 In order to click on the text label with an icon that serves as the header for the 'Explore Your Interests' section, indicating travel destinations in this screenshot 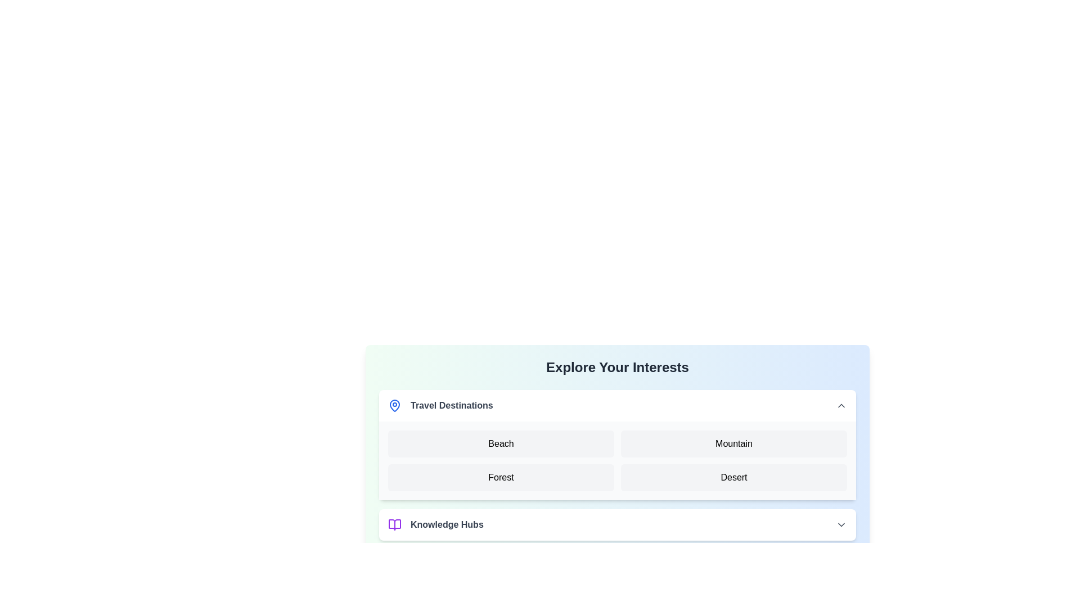, I will do `click(440, 405)`.